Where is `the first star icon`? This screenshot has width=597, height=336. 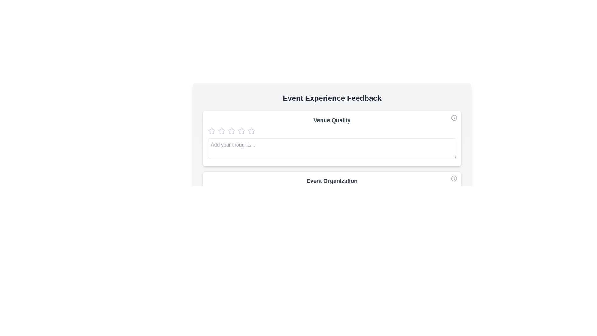 the first star icon is located at coordinates (212, 130).